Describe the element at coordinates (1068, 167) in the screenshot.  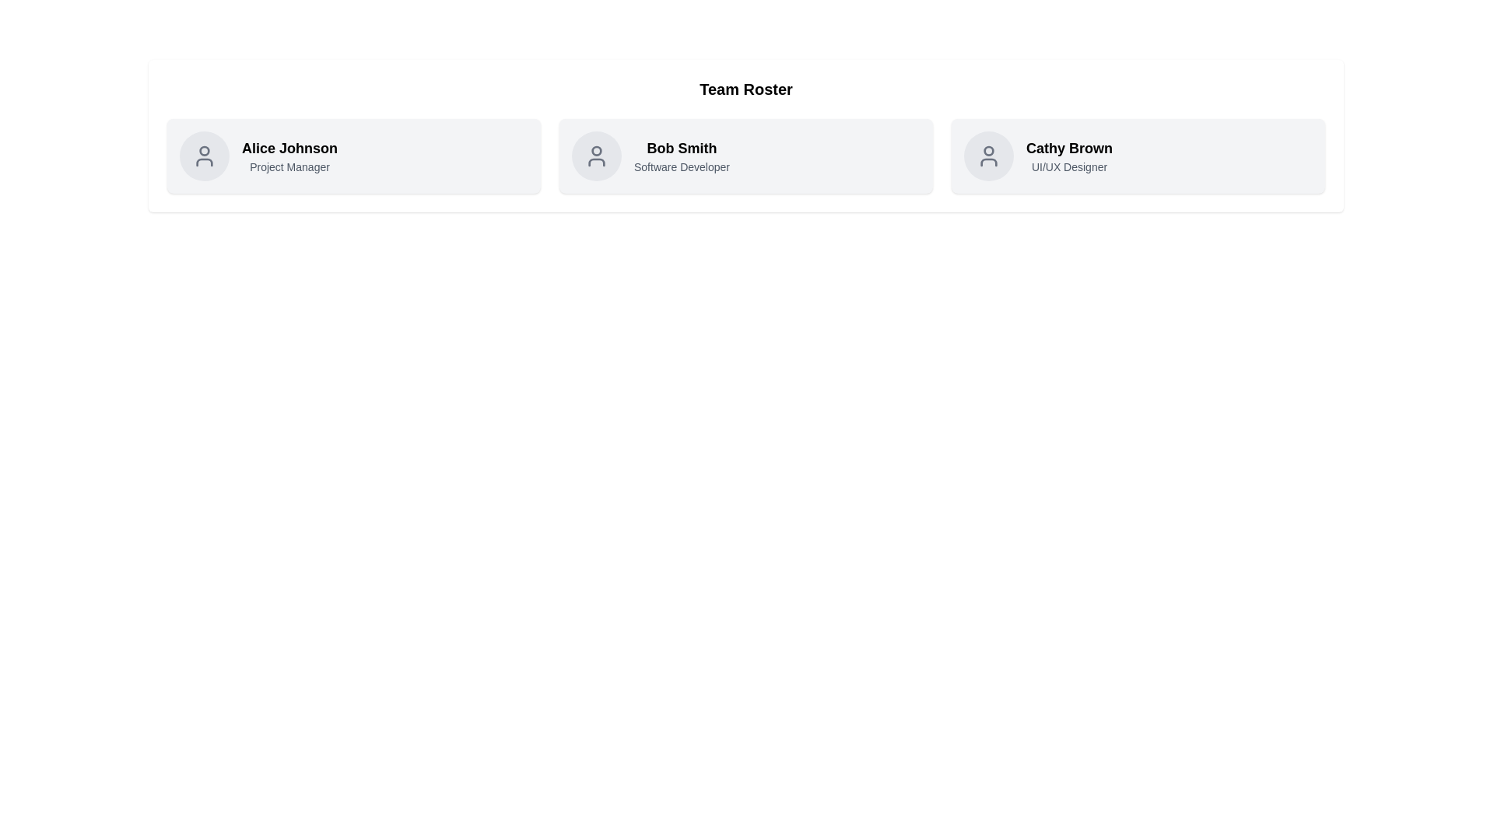
I see `static text element displaying 'UI/UX Designer' located below the name 'Cathy Brown' in the profile card on the rightmost side of a three-card layout` at that location.